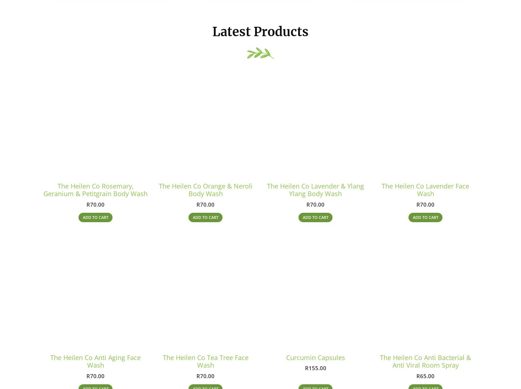 The width and height of the screenshot is (521, 389). Describe the element at coordinates (205, 192) in the screenshot. I see `'The Heilen Co Orange & Neroli Body Wash'` at that location.